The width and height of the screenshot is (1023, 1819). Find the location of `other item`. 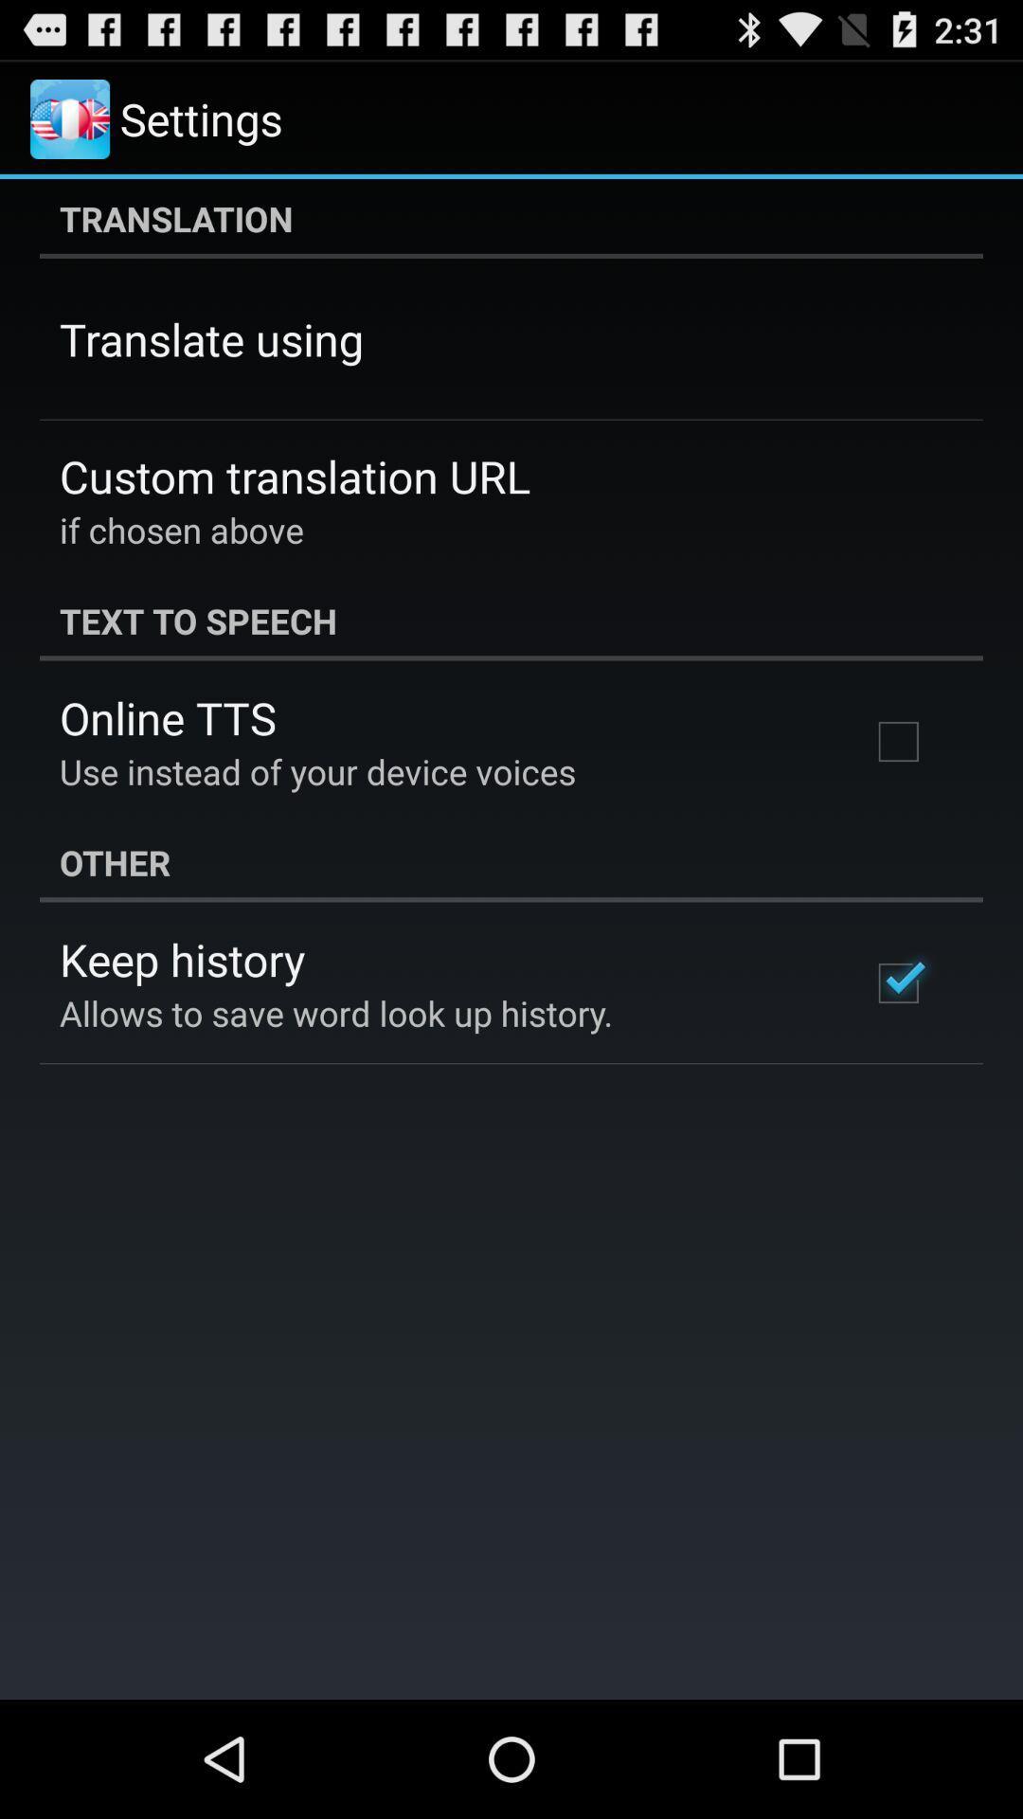

other item is located at coordinates (511, 861).